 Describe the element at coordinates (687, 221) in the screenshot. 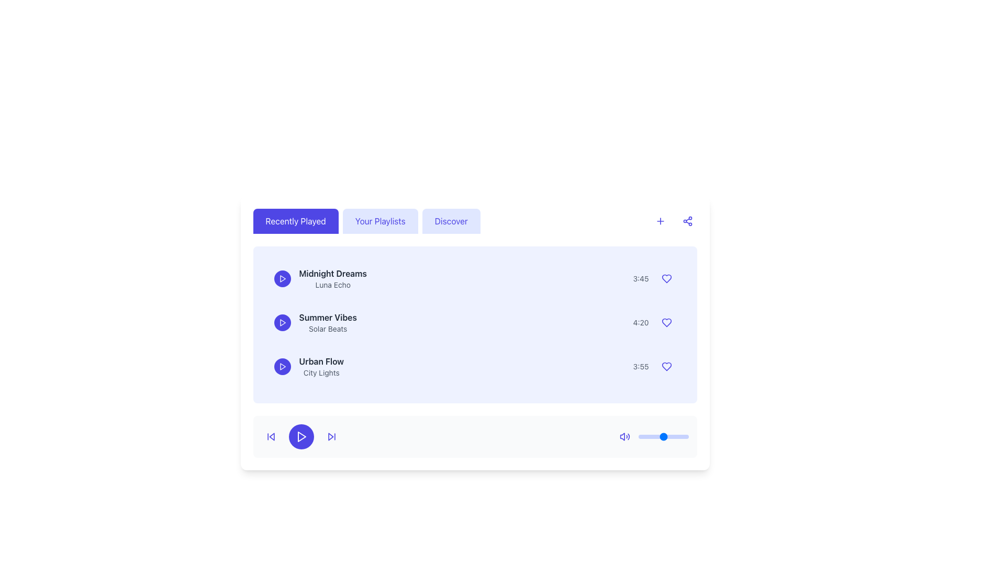

I see `the stylized share icon, which resembles a network of three connected dots forming a triangular configuration, located at the top right corner of the card interface to share` at that location.